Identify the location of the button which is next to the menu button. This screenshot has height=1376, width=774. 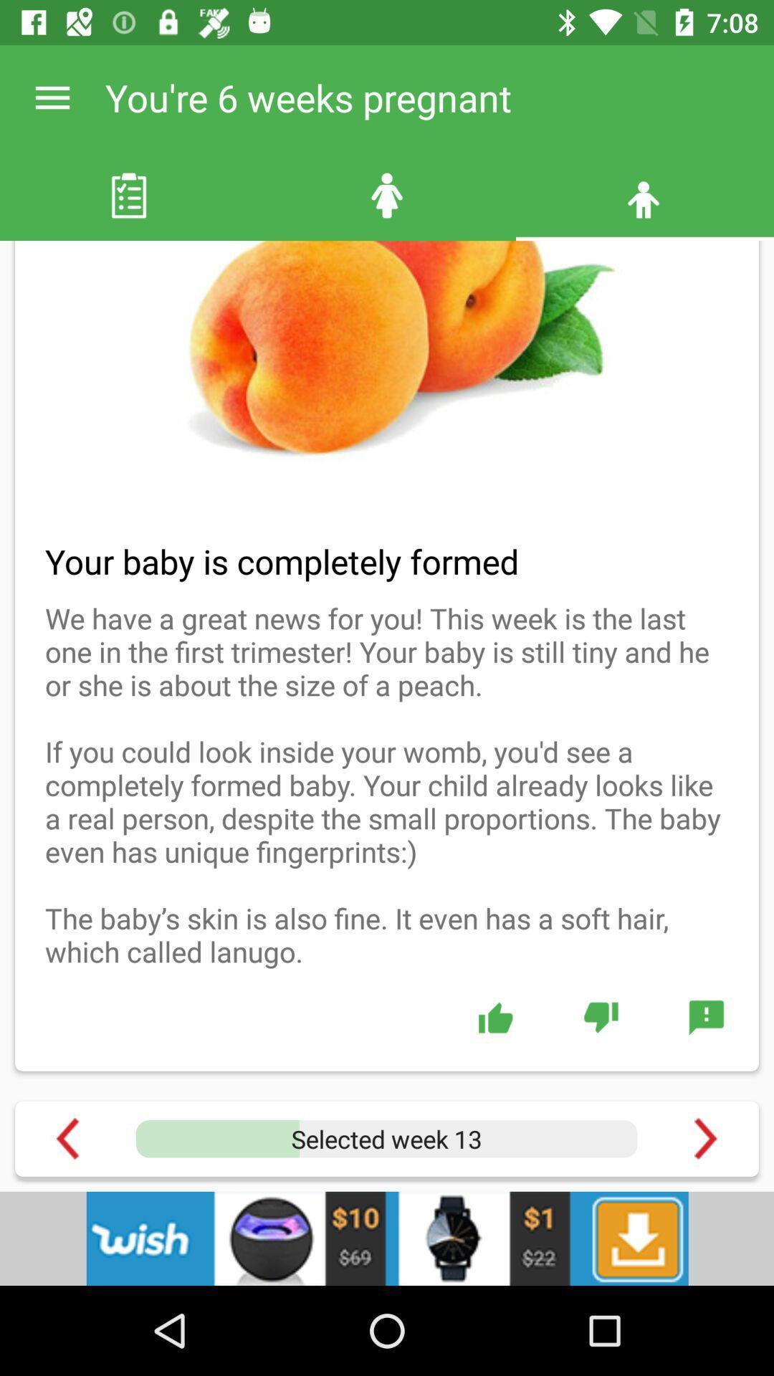
(387, 195).